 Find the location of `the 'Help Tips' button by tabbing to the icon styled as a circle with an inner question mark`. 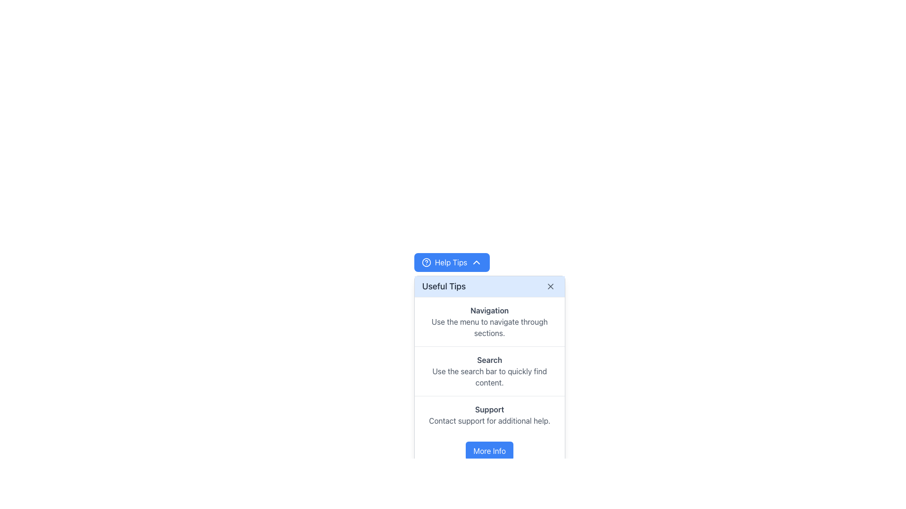

the 'Help Tips' button by tabbing to the icon styled as a circle with an inner question mark is located at coordinates (426, 262).